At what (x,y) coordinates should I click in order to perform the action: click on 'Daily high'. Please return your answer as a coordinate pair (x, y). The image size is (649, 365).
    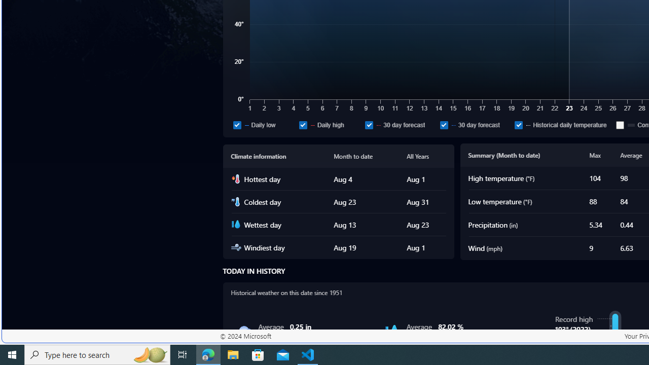
    Looking at the image, I should click on (330, 124).